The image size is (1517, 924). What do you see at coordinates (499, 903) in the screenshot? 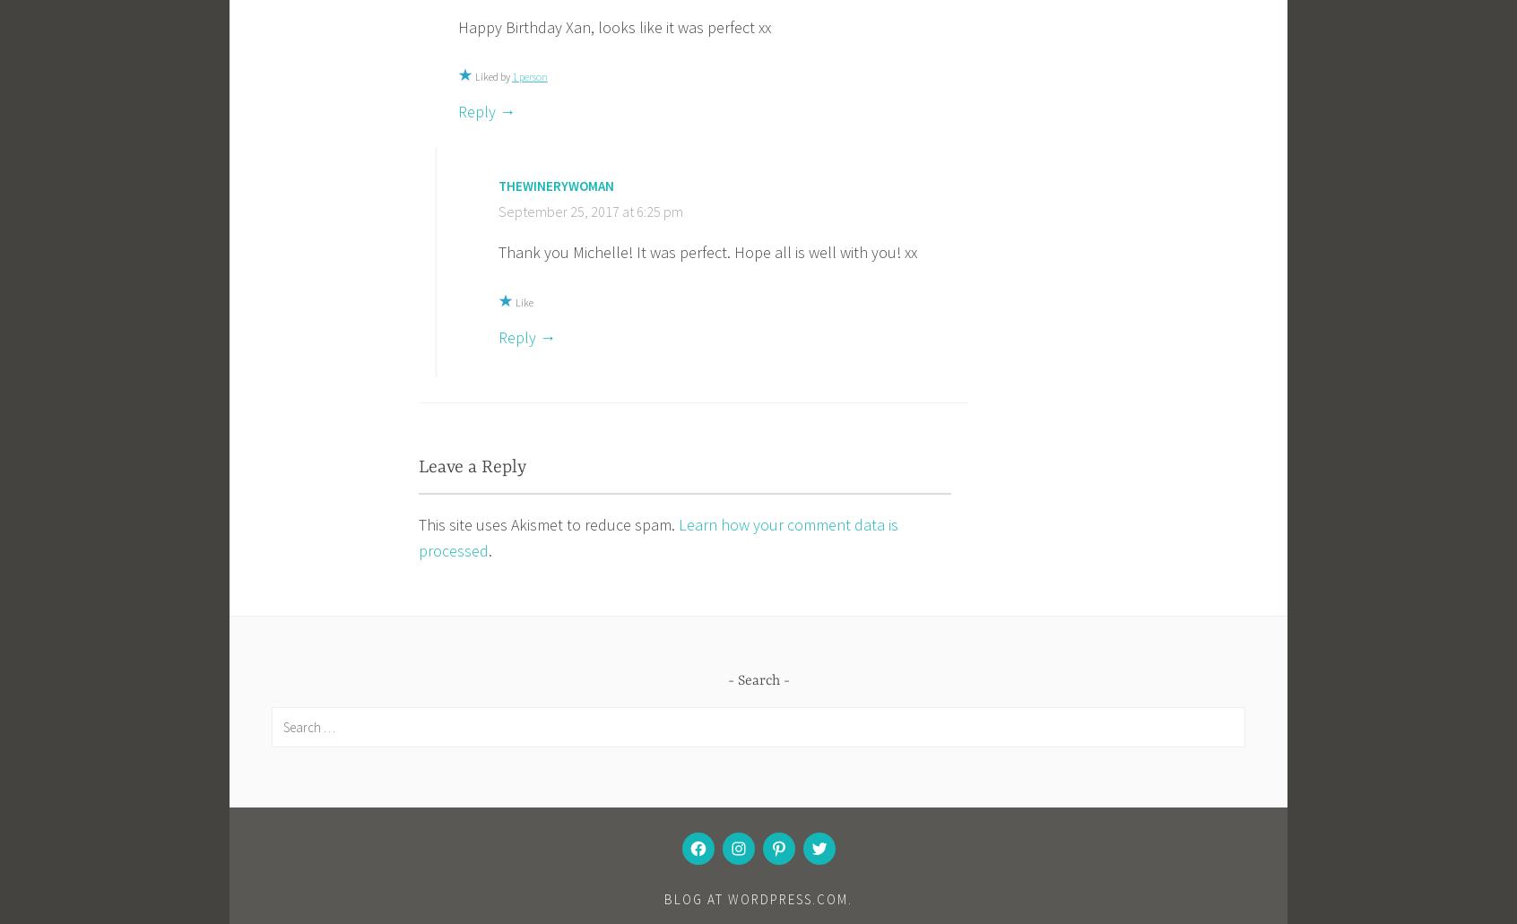
I see `'Julie Basden'` at bounding box center [499, 903].